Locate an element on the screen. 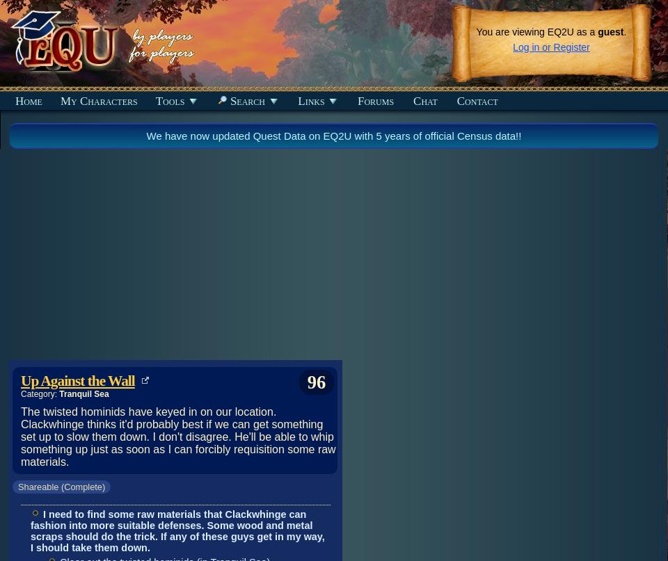 This screenshot has width=668, height=561. 'Links' is located at coordinates (297, 100).